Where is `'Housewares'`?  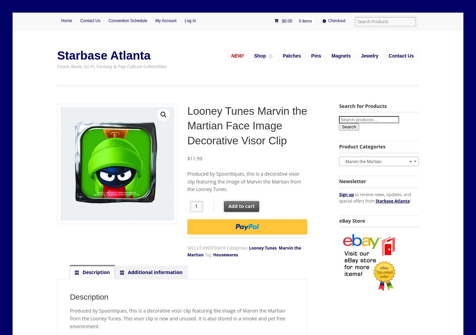
'Housewares' is located at coordinates (225, 254).